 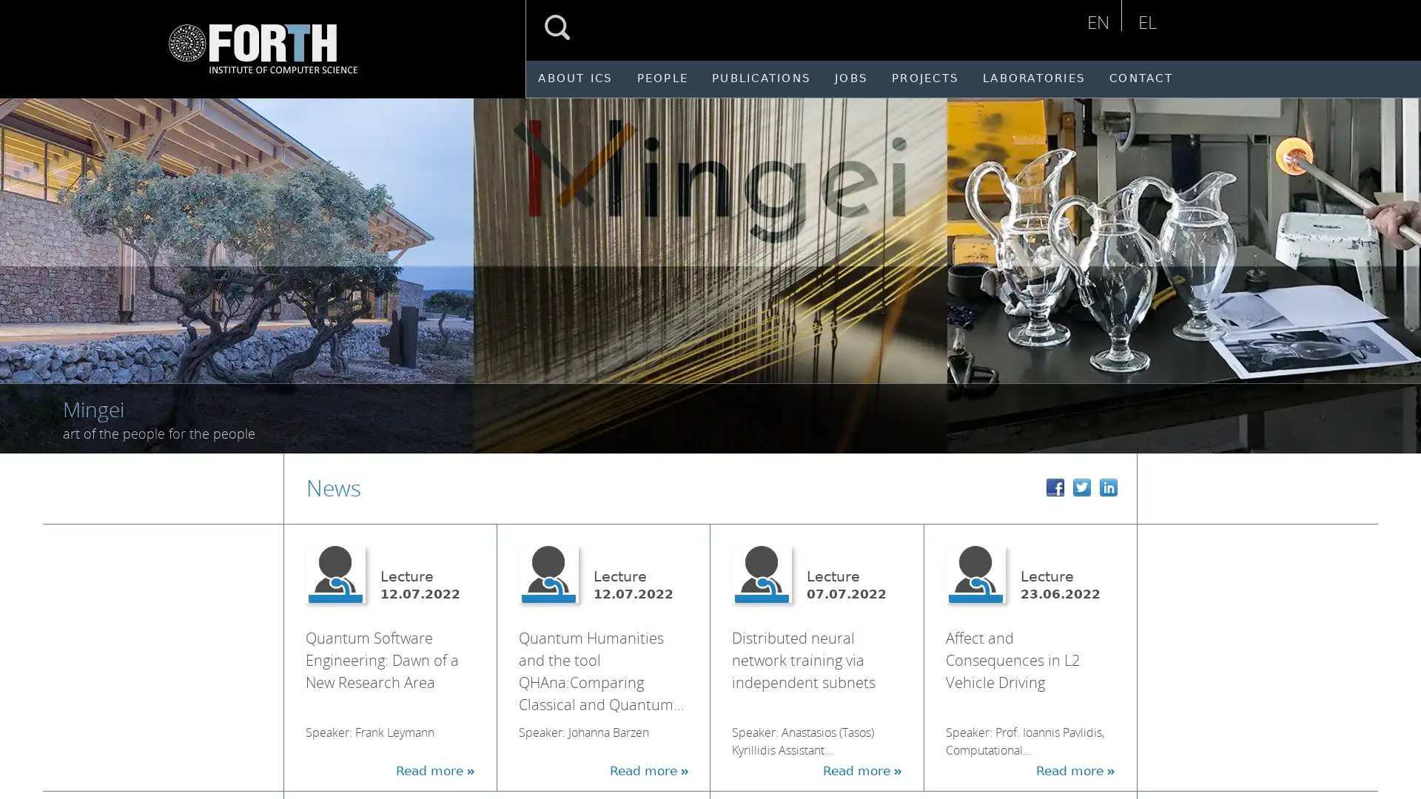 I want to click on Submit Search Button, so click(x=557, y=27).